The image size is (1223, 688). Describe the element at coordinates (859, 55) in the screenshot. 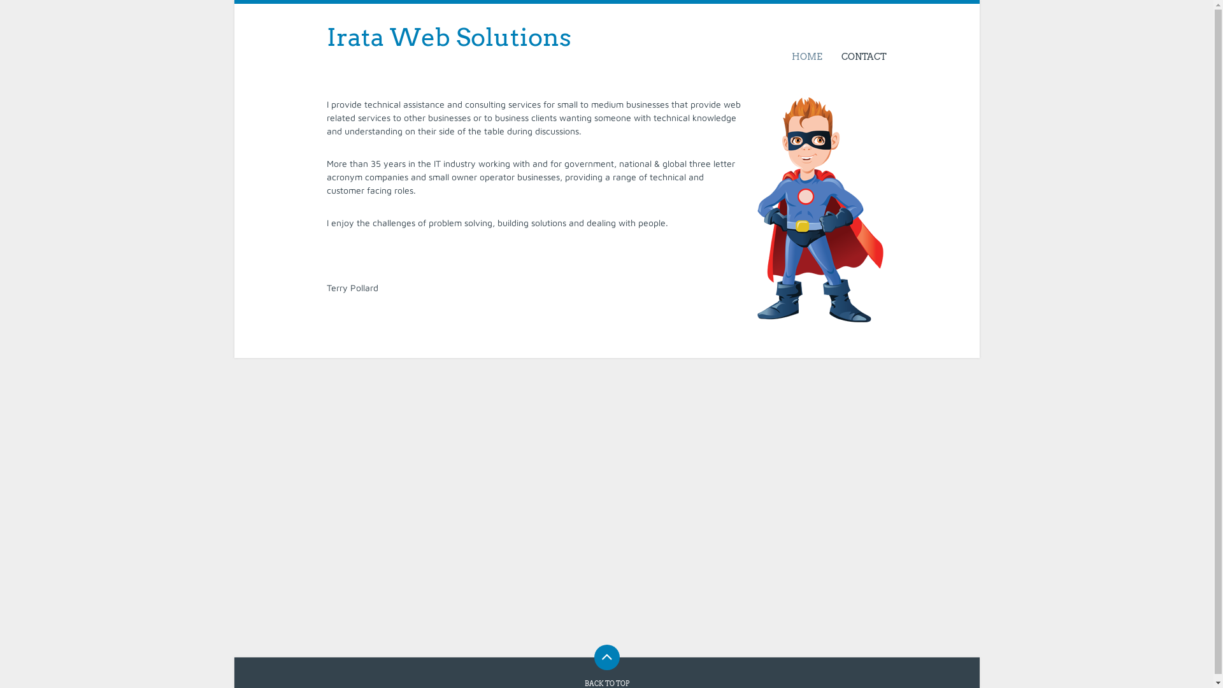

I see `'CONTACT'` at that location.